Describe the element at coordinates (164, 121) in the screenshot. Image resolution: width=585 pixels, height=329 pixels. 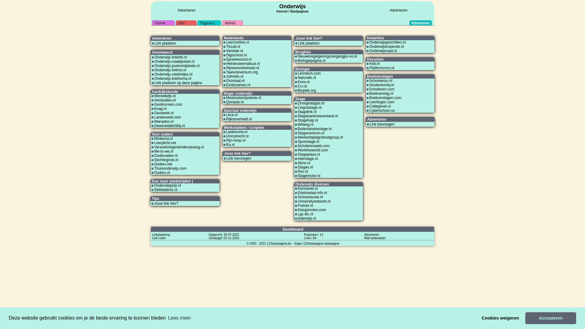
I see `'Wanadoo.nl'` at that location.